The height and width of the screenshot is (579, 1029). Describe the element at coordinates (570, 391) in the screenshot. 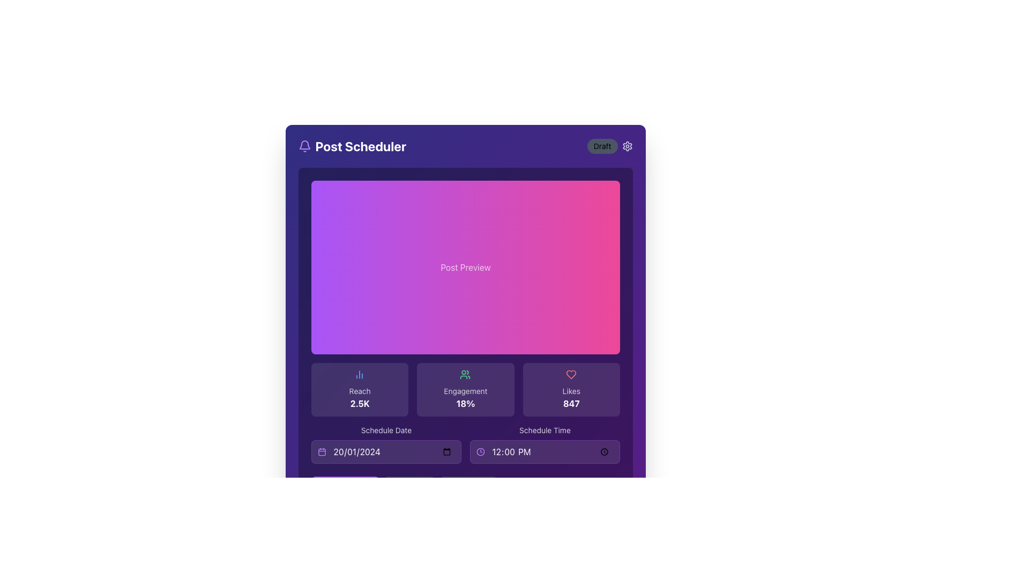

I see `the 'Likes' label text, which is displayed in a small gray font within a card, located at the far right of four cards at the bottom of the interface, positioned below a red heart icon and above the number '847'` at that location.